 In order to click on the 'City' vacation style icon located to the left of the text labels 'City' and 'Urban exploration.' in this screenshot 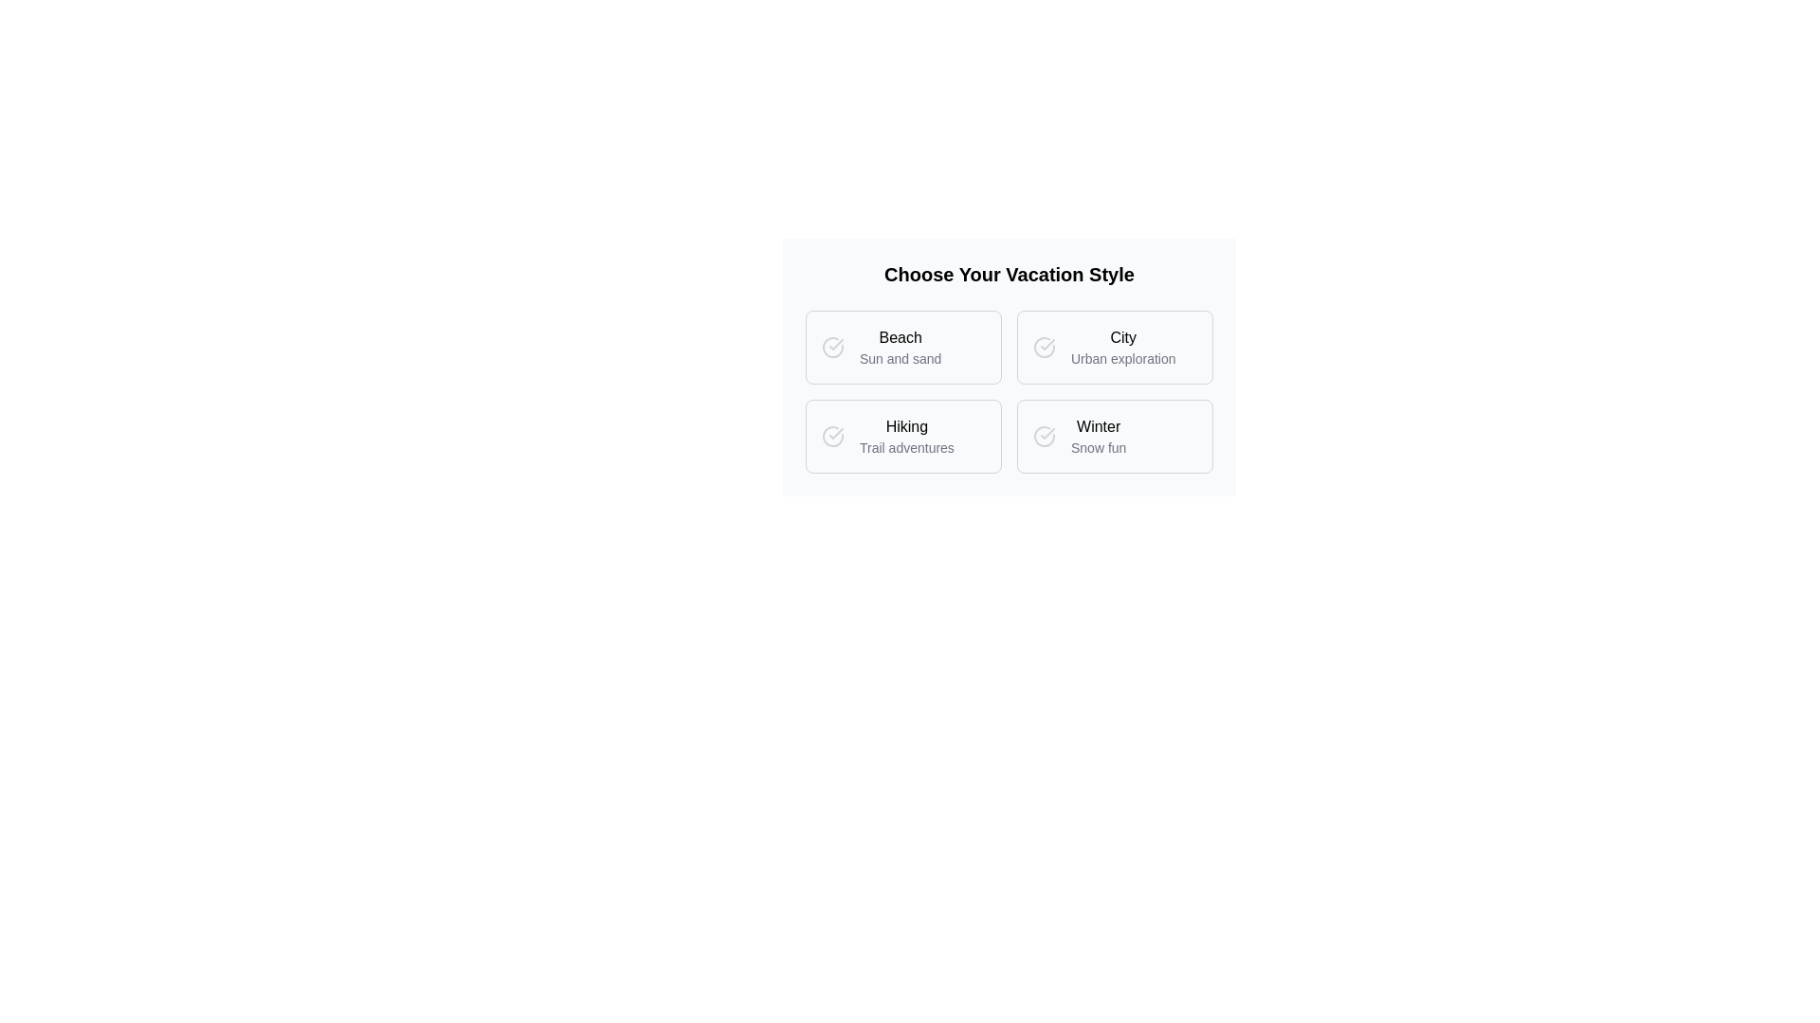, I will do `click(1044, 347)`.